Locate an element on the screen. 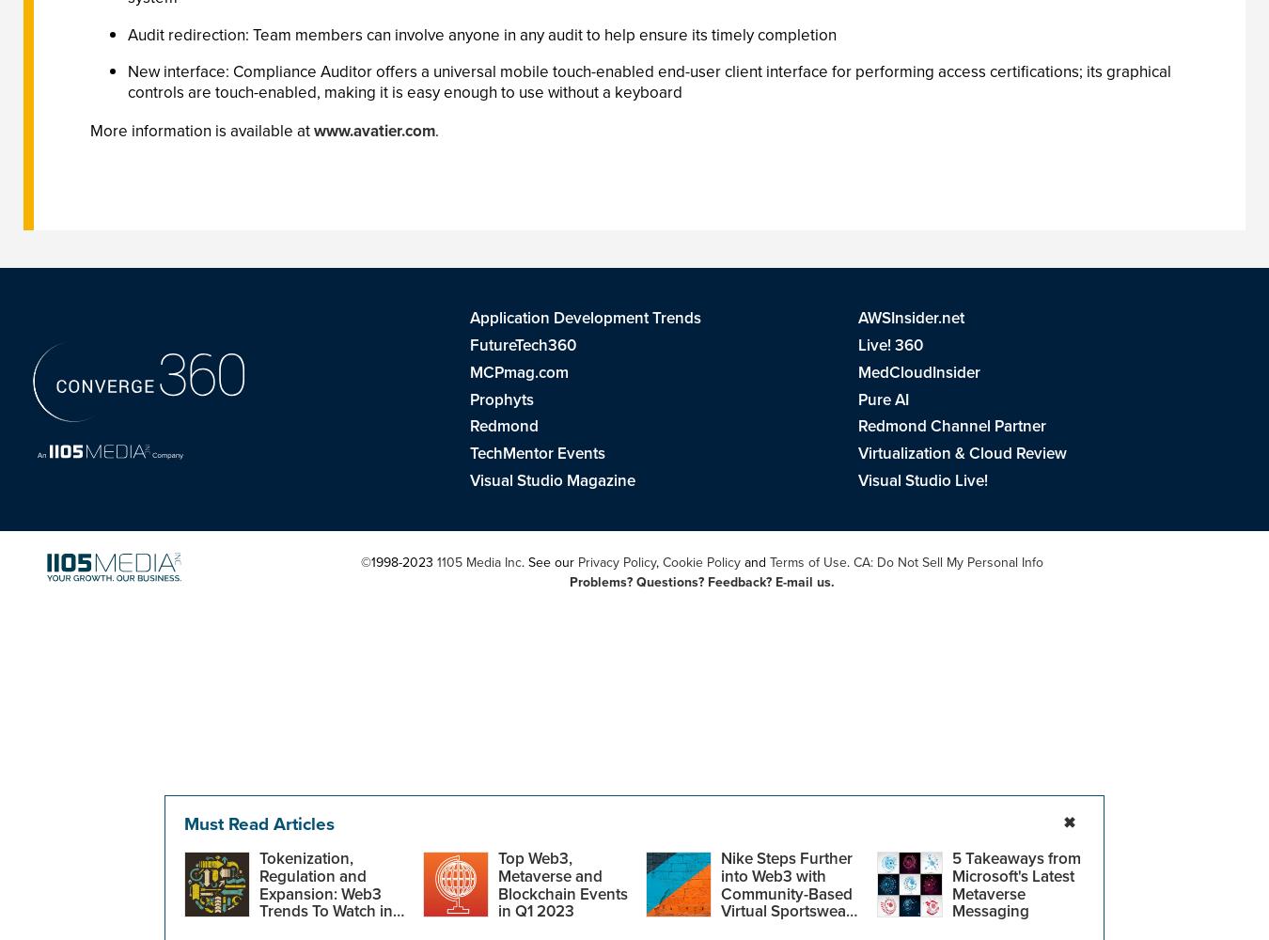 The width and height of the screenshot is (1269, 940). '1105 Media Inc' is located at coordinates (477, 560).